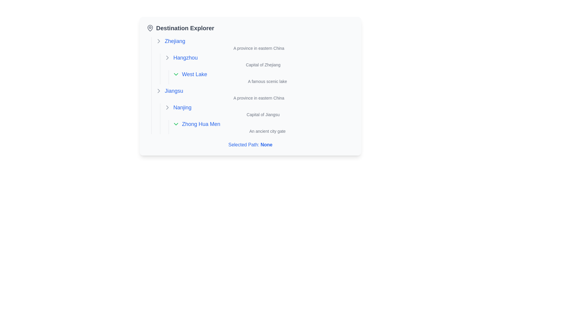 This screenshot has height=320, width=570. What do you see at coordinates (255, 98) in the screenshot?
I see `text label styled in a smaller, gray font located to the right of the clickable blue 'Jiangsu' label, positioned below it and above the description for 'Nanjing'` at bounding box center [255, 98].